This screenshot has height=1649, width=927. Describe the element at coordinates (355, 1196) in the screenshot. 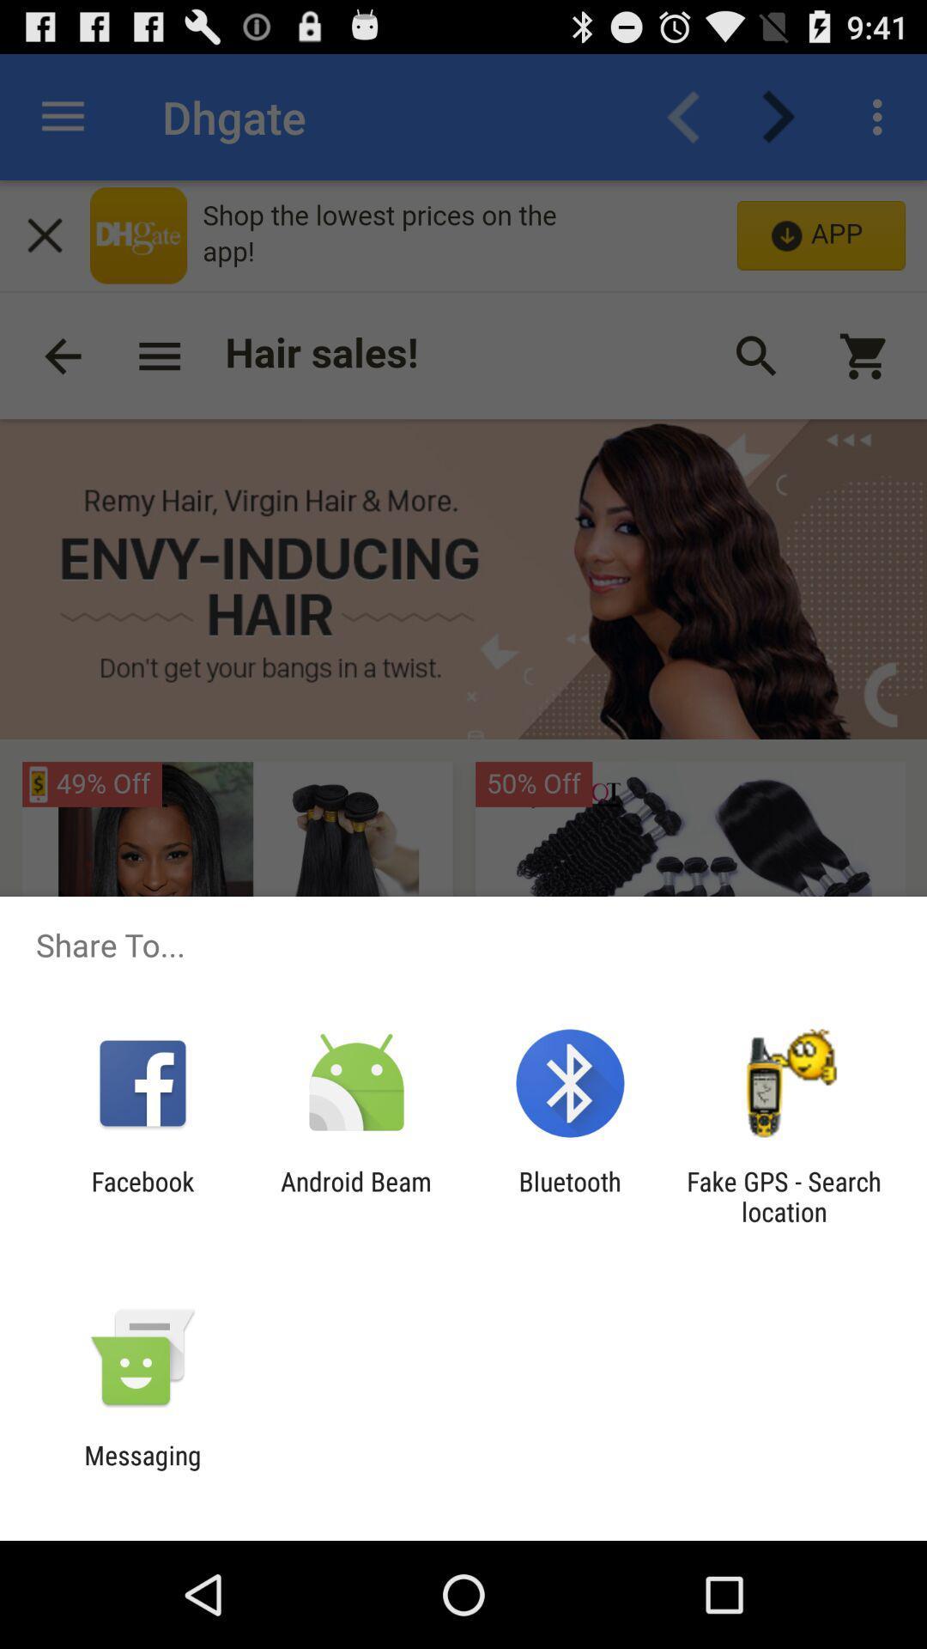

I see `app next to facebook icon` at that location.